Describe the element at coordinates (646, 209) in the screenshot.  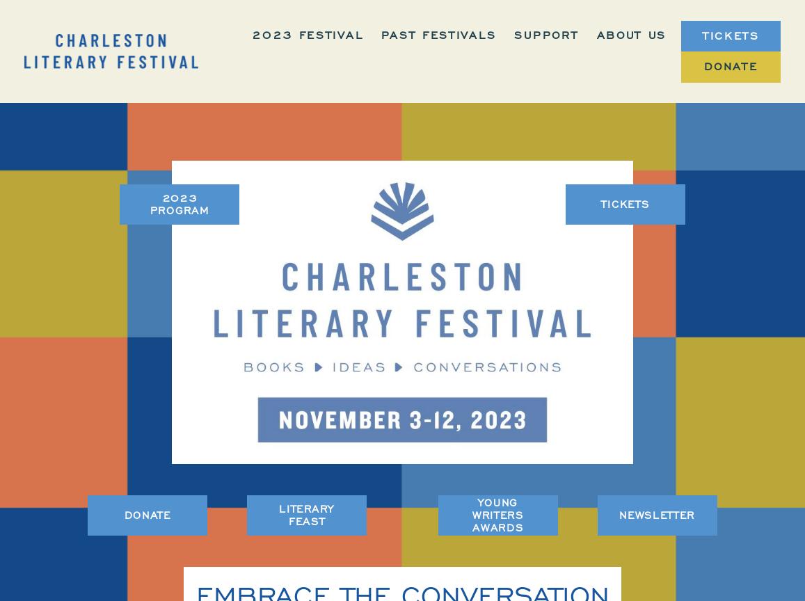
I see `'News'` at that location.